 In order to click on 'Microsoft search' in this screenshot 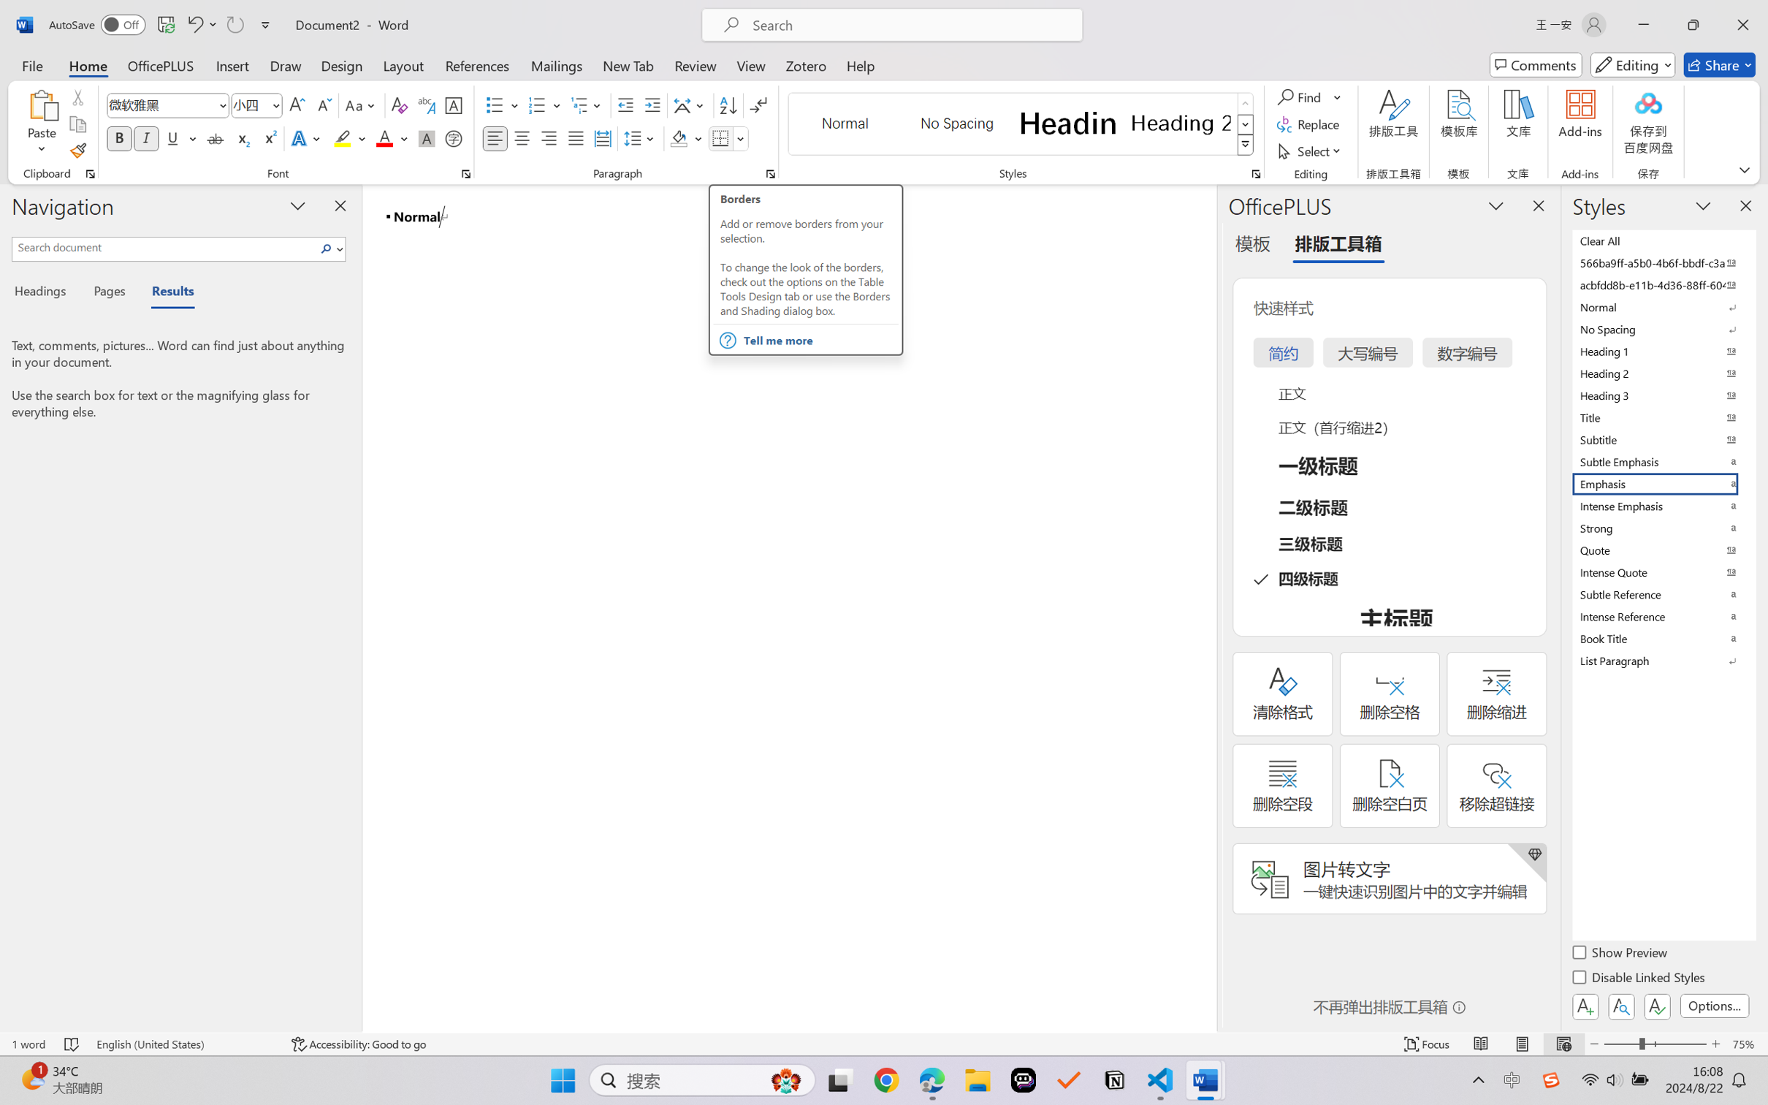, I will do `click(910, 24)`.